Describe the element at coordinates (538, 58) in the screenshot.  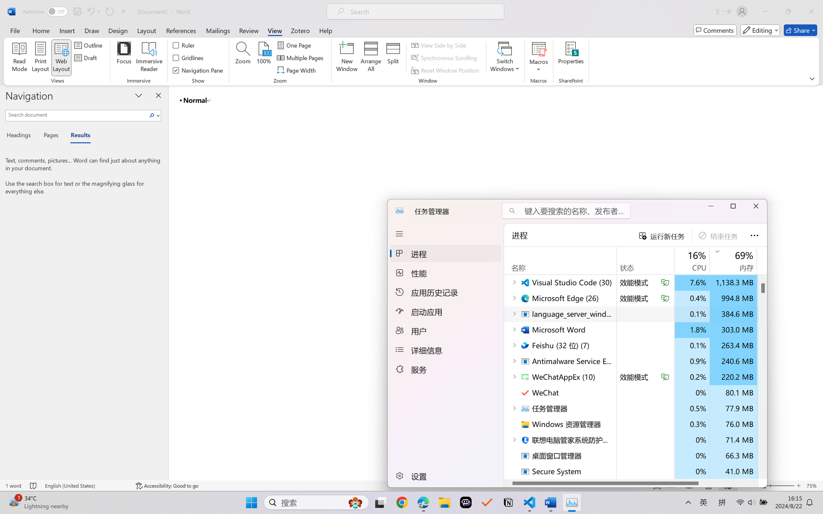
I see `'Macros'` at that location.